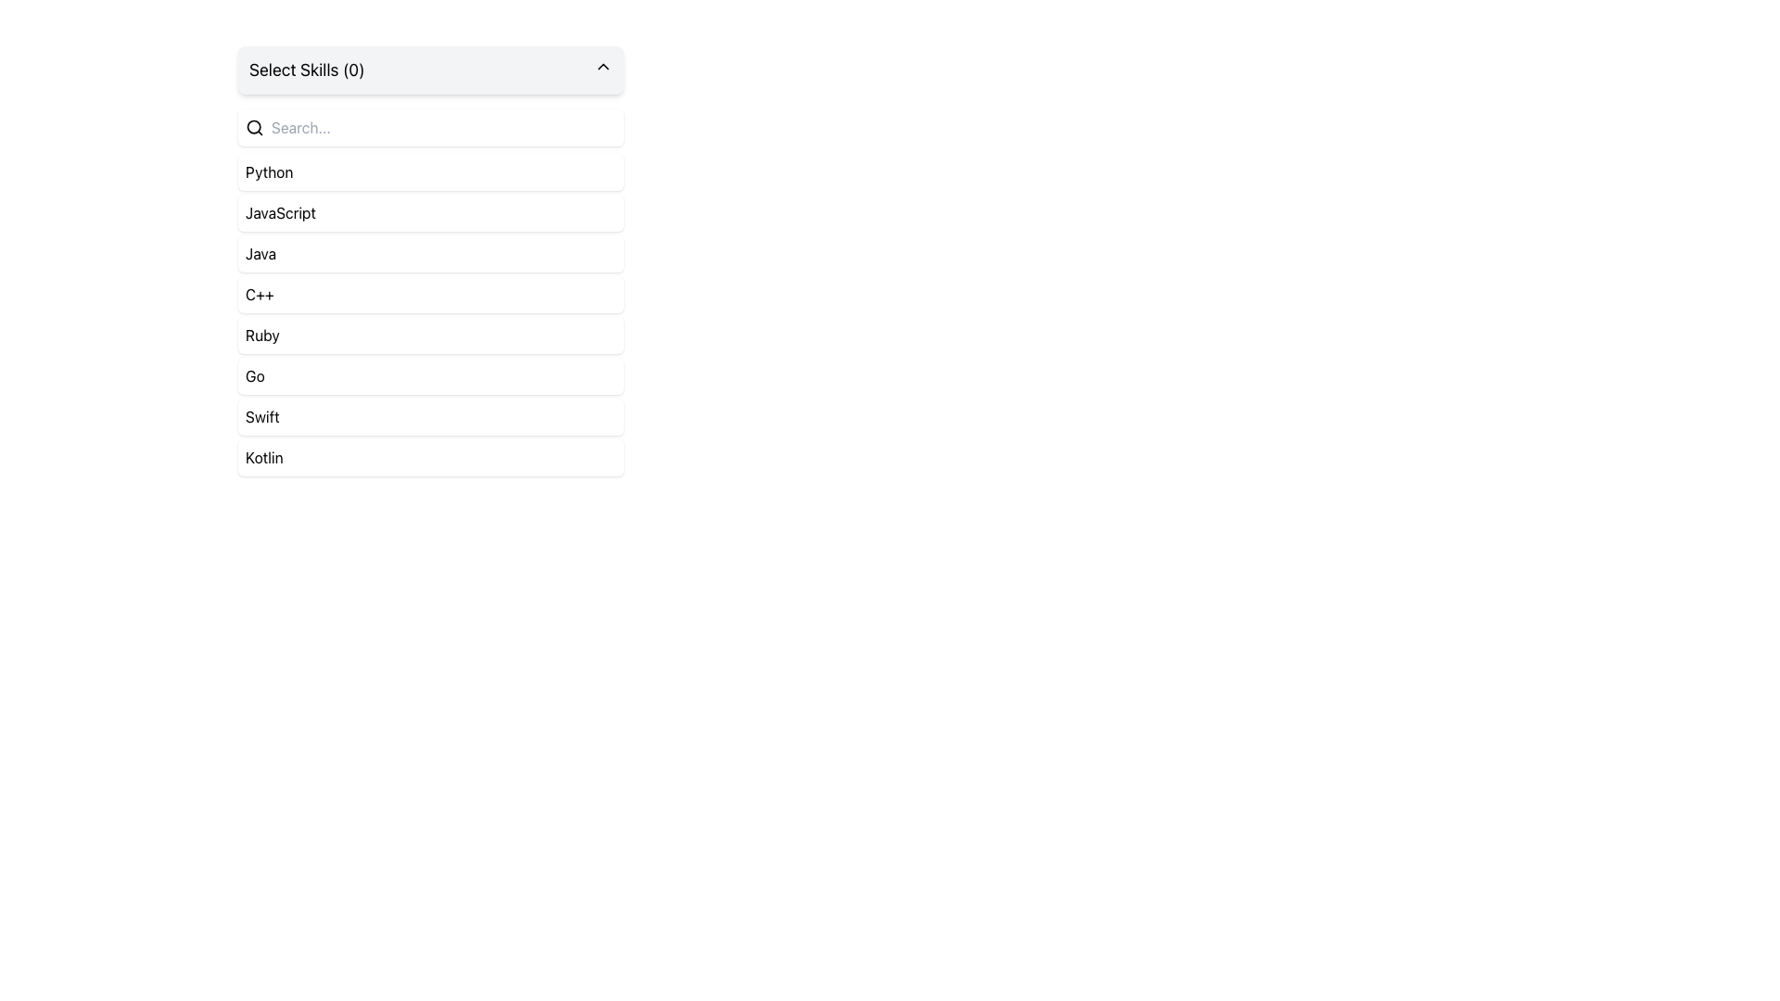 The width and height of the screenshot is (1780, 1001). I want to click on the 'Go' button located in the sixth position of the vertically stacked list within the 'Select Skills (0)' dropdown menu, situated between the 'Ruby' and 'Swift' buttons, so click(430, 375).